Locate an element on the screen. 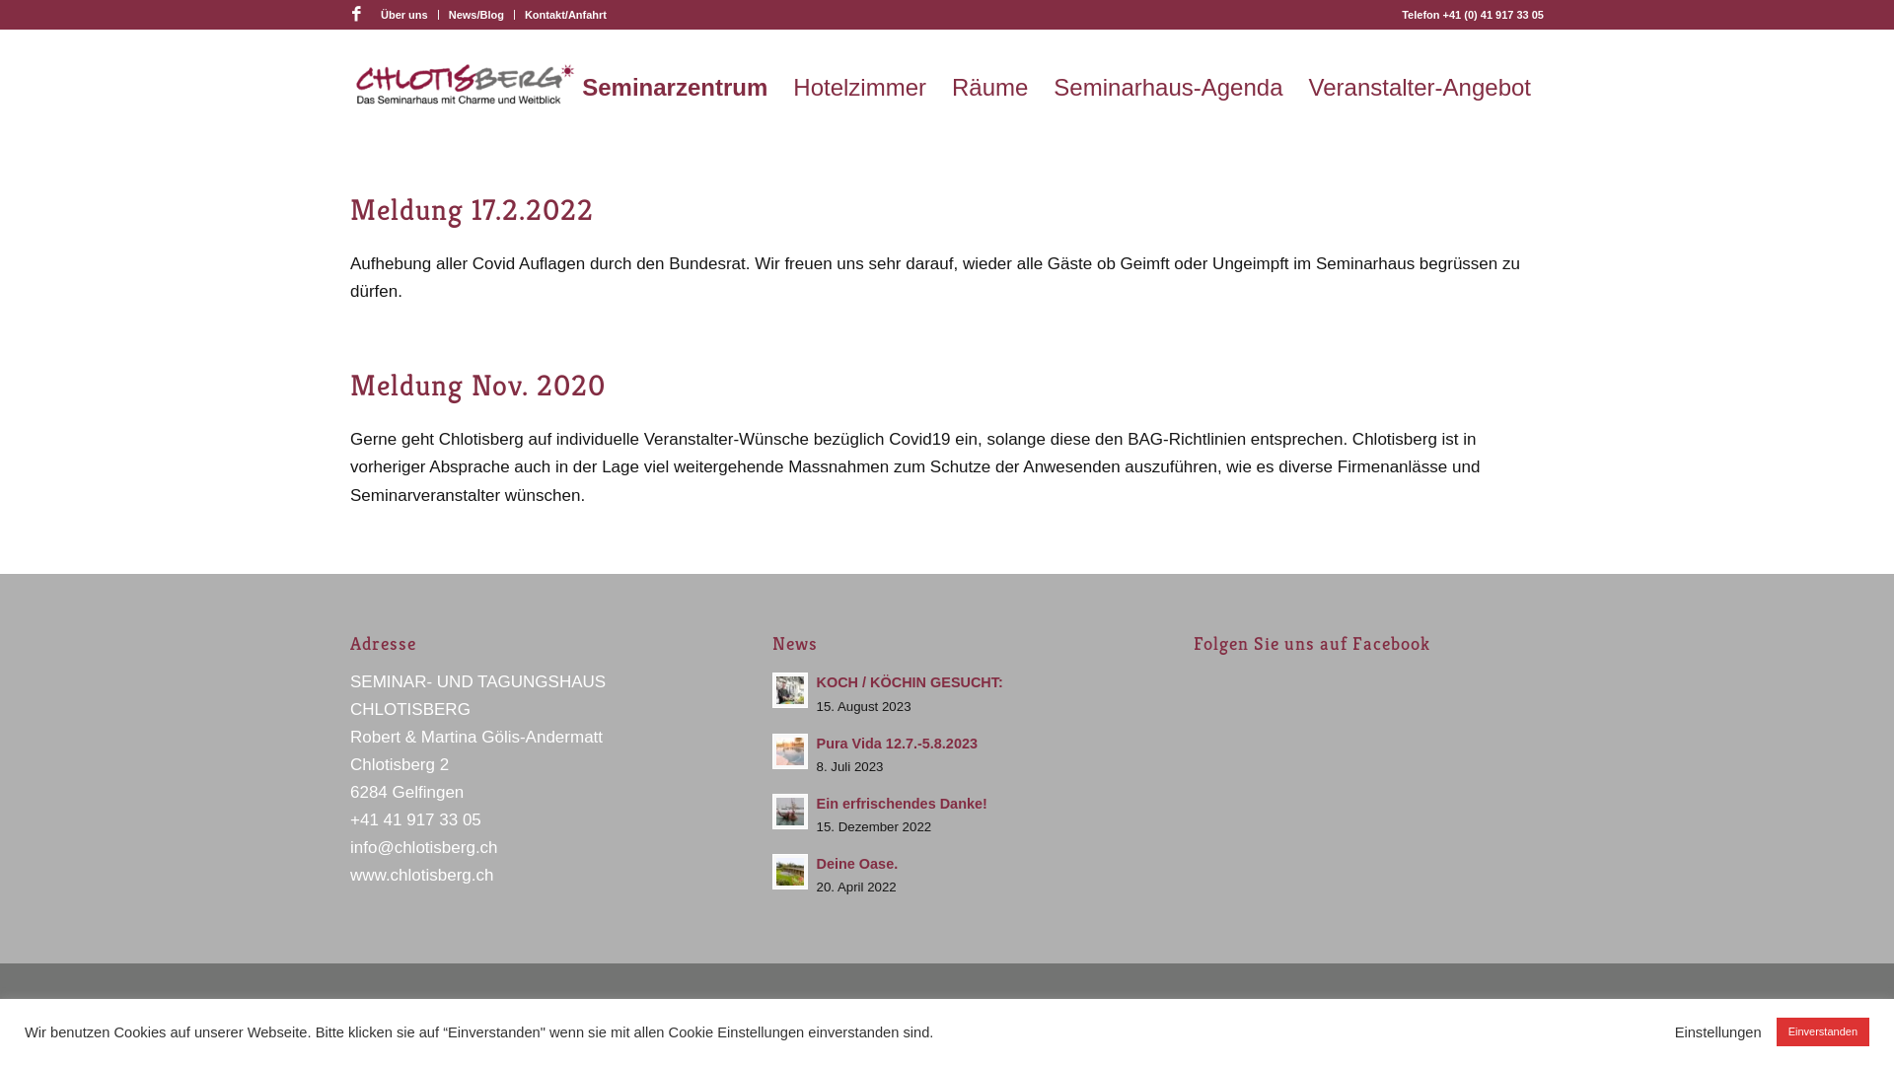  'News/Blog' is located at coordinates (476, 15).